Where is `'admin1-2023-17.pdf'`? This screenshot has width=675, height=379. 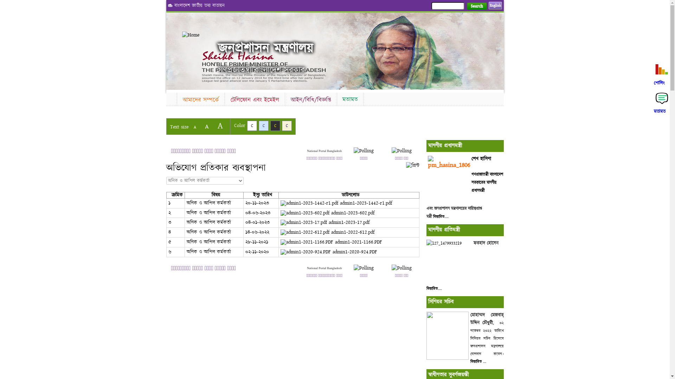
'admin1-2023-17.pdf' is located at coordinates (324, 222).